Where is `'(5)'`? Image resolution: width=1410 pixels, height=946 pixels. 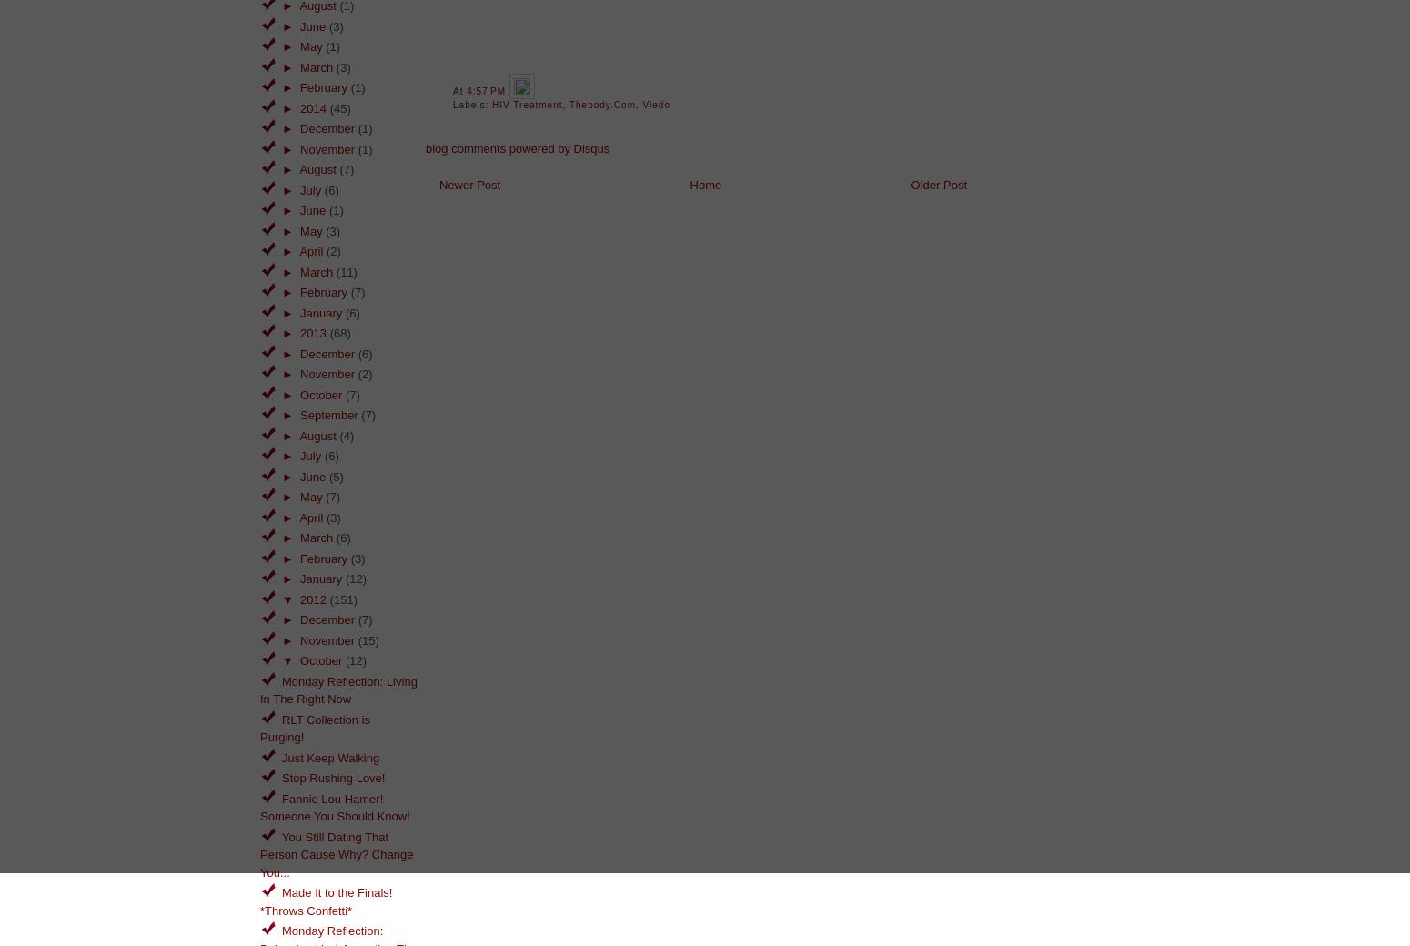 '(5)' is located at coordinates (335, 475).